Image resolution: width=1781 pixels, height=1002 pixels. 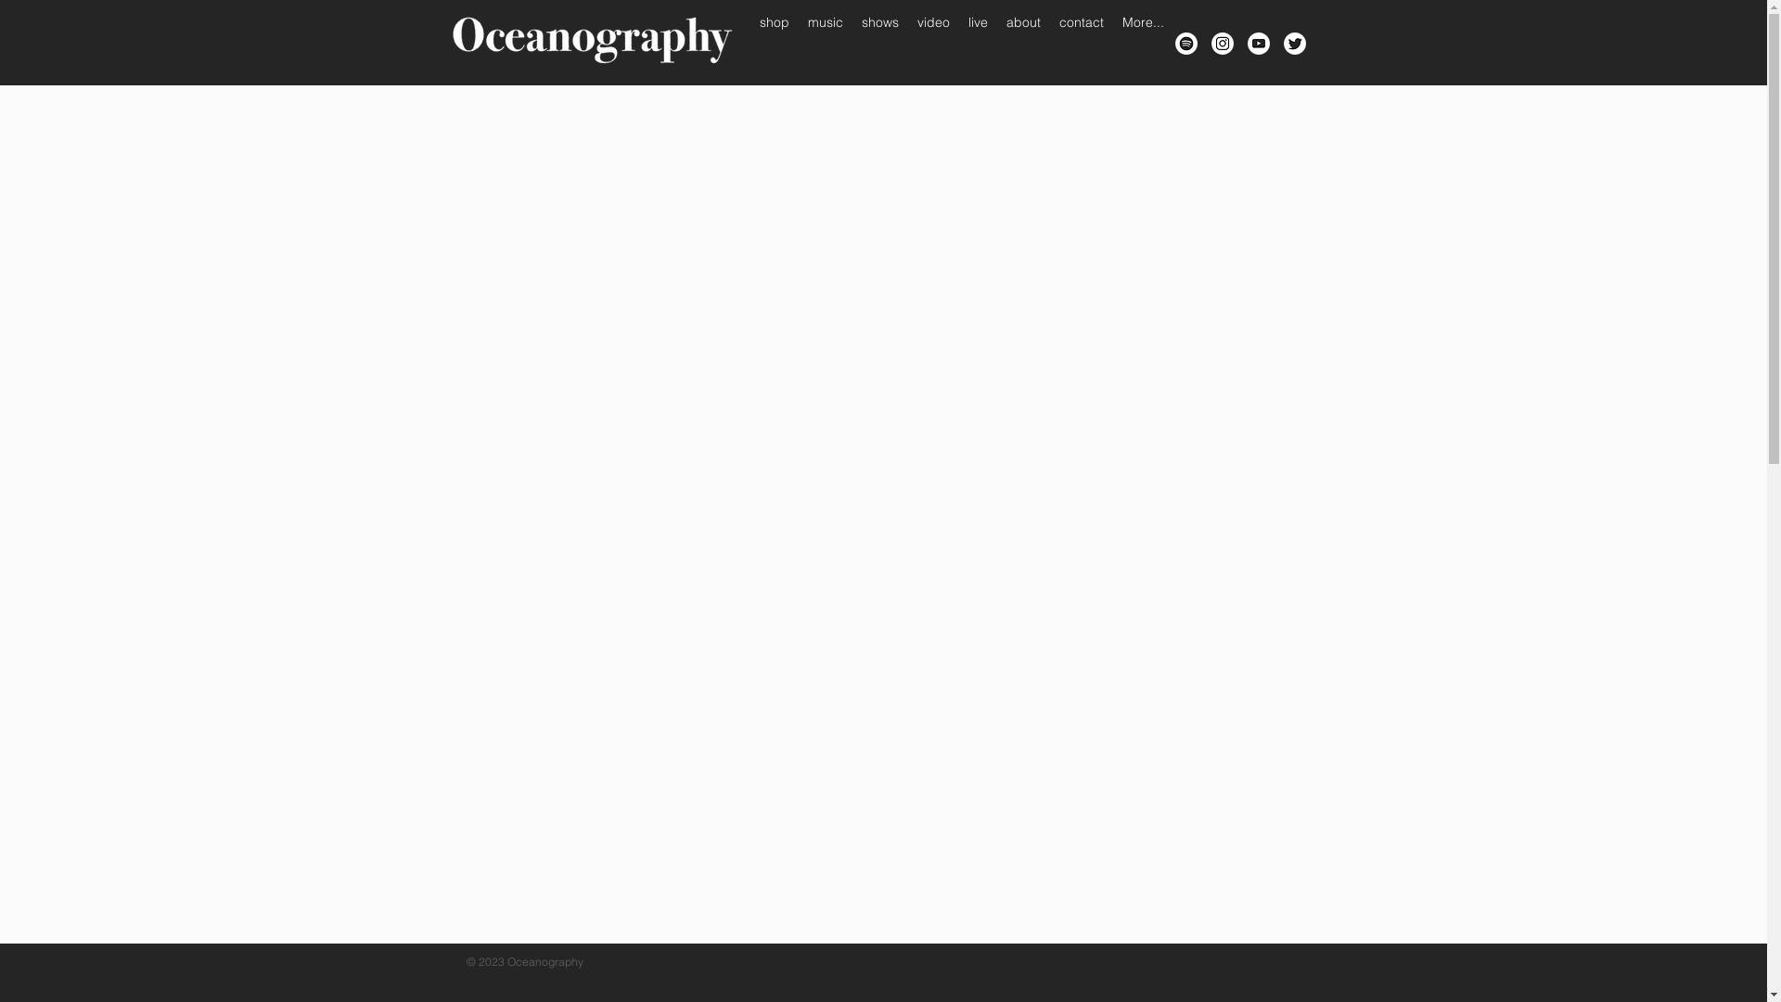 What do you see at coordinates (823, 42) in the screenshot?
I see `'music'` at bounding box center [823, 42].